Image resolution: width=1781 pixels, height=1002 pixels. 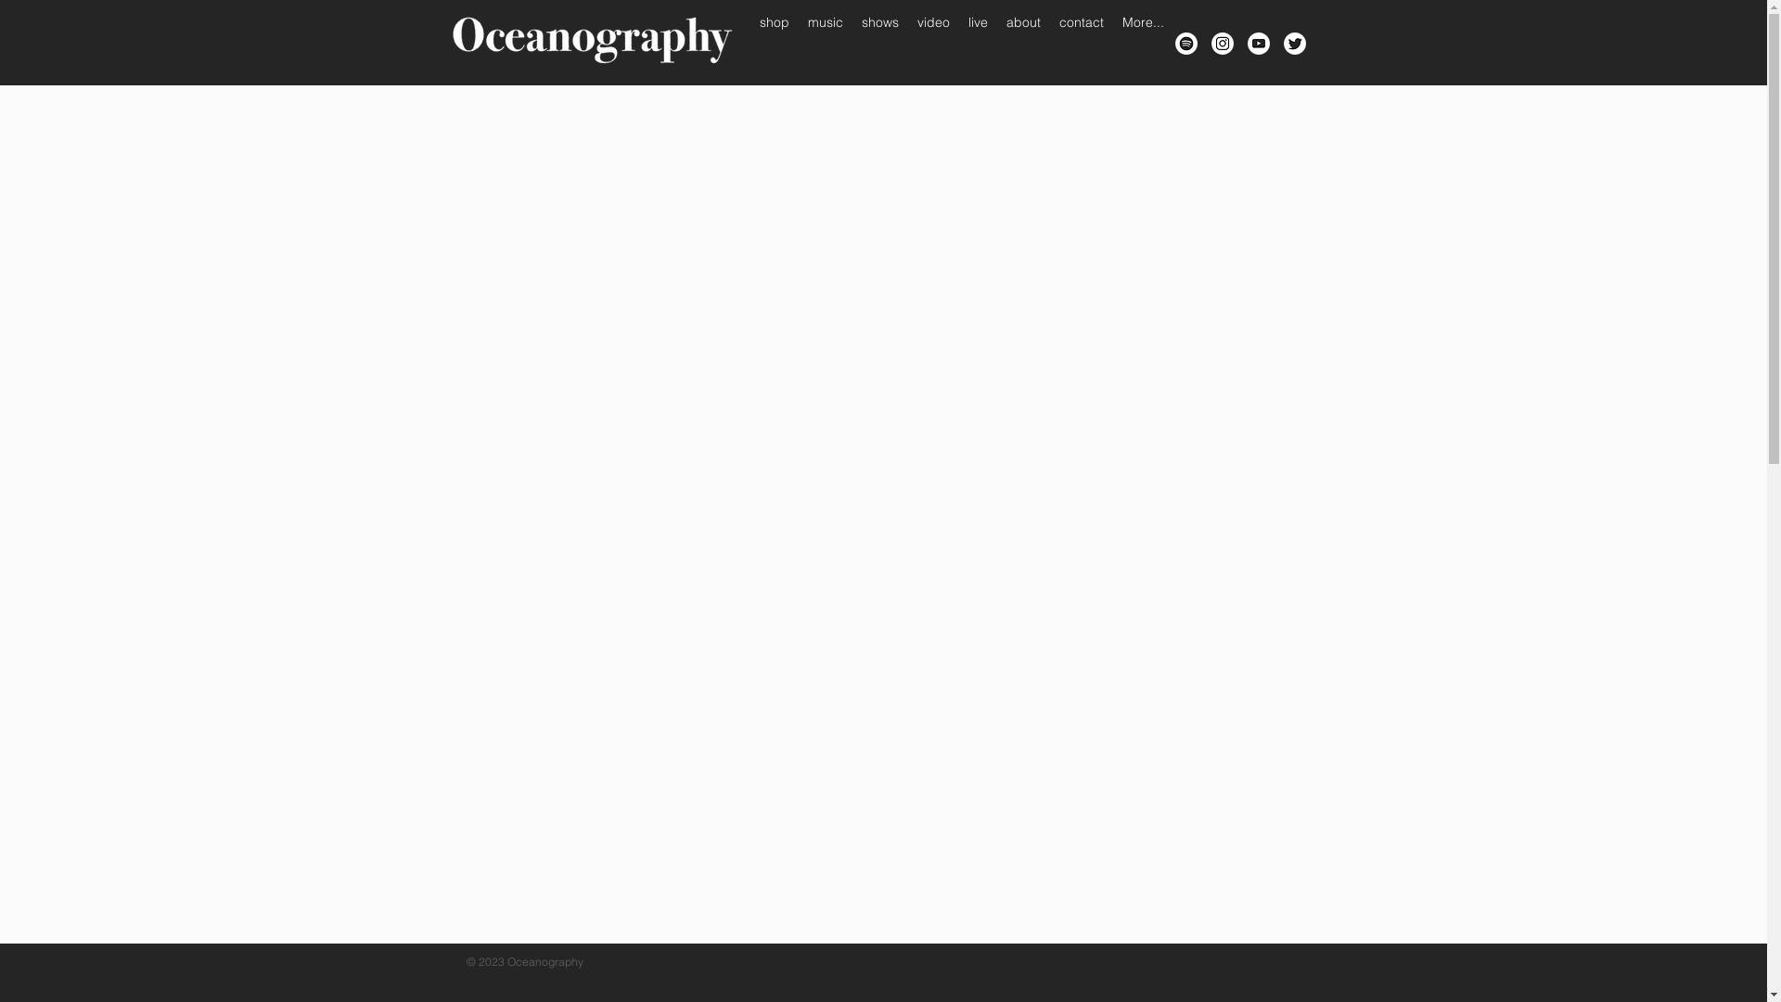 What do you see at coordinates (823, 42) in the screenshot?
I see `'music'` at bounding box center [823, 42].